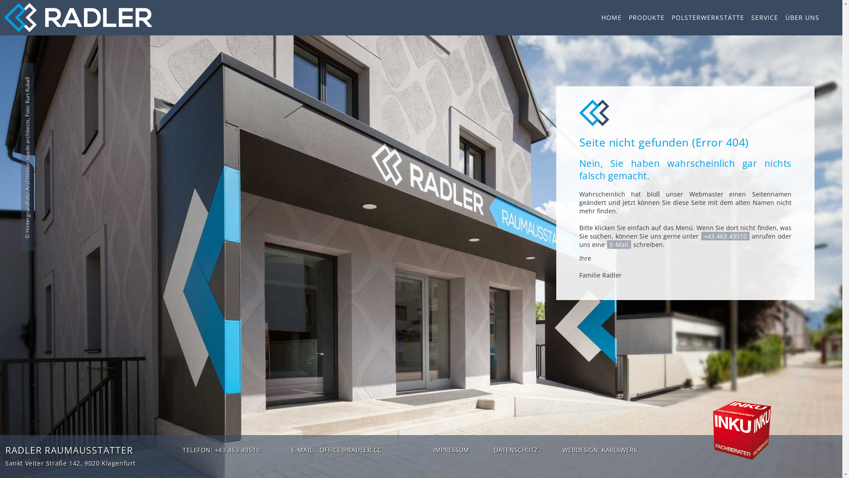 The width and height of the screenshot is (849, 478). What do you see at coordinates (646, 17) in the screenshot?
I see `'PRODUKTE'` at bounding box center [646, 17].